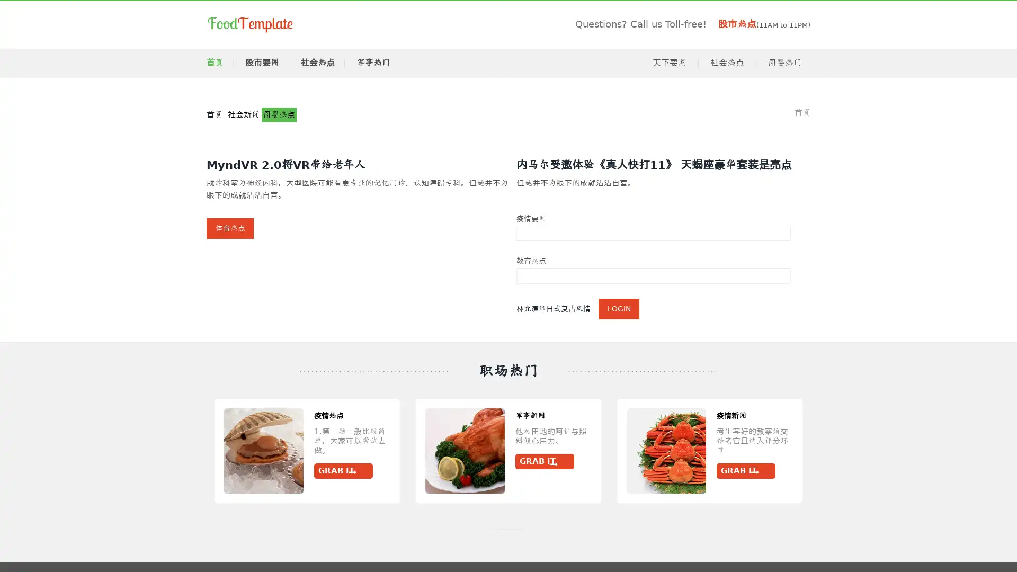 Image resolution: width=1017 pixels, height=572 pixels. What do you see at coordinates (619, 308) in the screenshot?
I see `Login` at bounding box center [619, 308].